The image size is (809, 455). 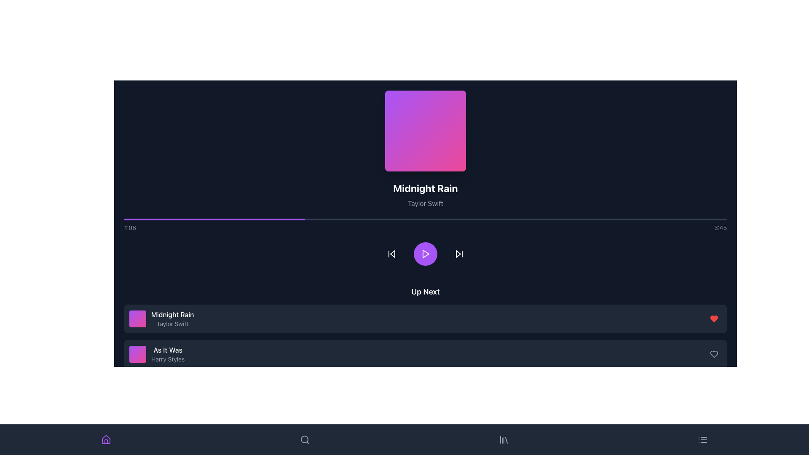 What do you see at coordinates (425, 253) in the screenshot?
I see `the play button located at the bottom-center of the interface` at bounding box center [425, 253].